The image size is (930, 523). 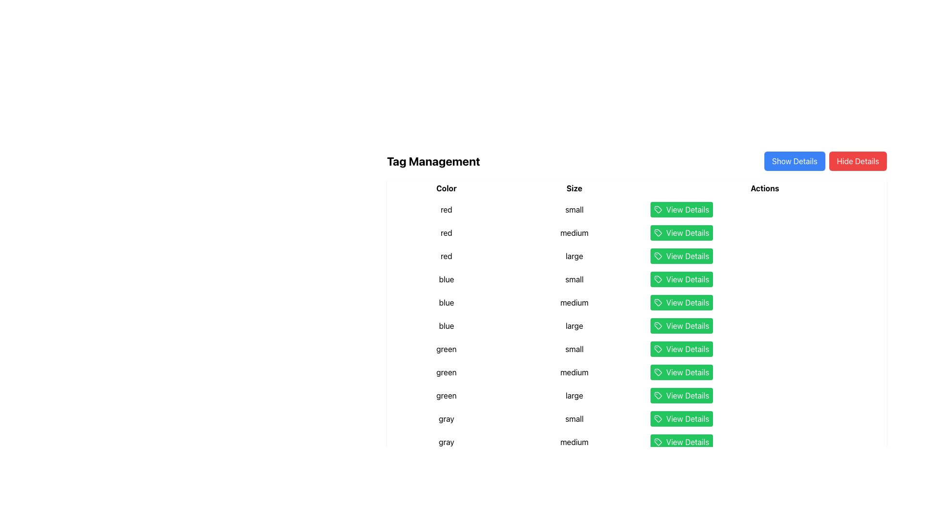 What do you see at coordinates (658, 418) in the screenshot?
I see `the green tag icon in the 'Actions' column of the 'Tag Management' table, located in the last row associated with the color 'gray'` at bounding box center [658, 418].